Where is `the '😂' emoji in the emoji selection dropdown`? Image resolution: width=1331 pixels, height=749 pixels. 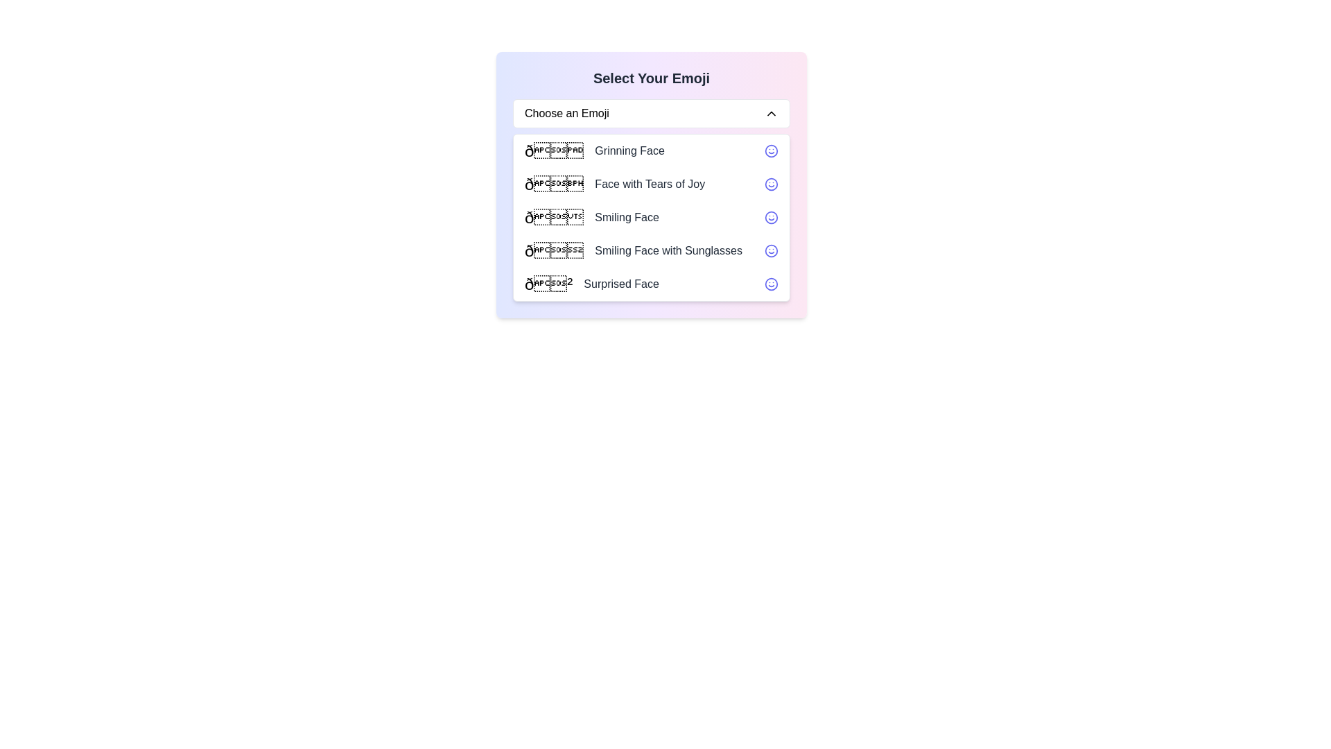
the '😂' emoji in the emoji selection dropdown is located at coordinates (553, 184).